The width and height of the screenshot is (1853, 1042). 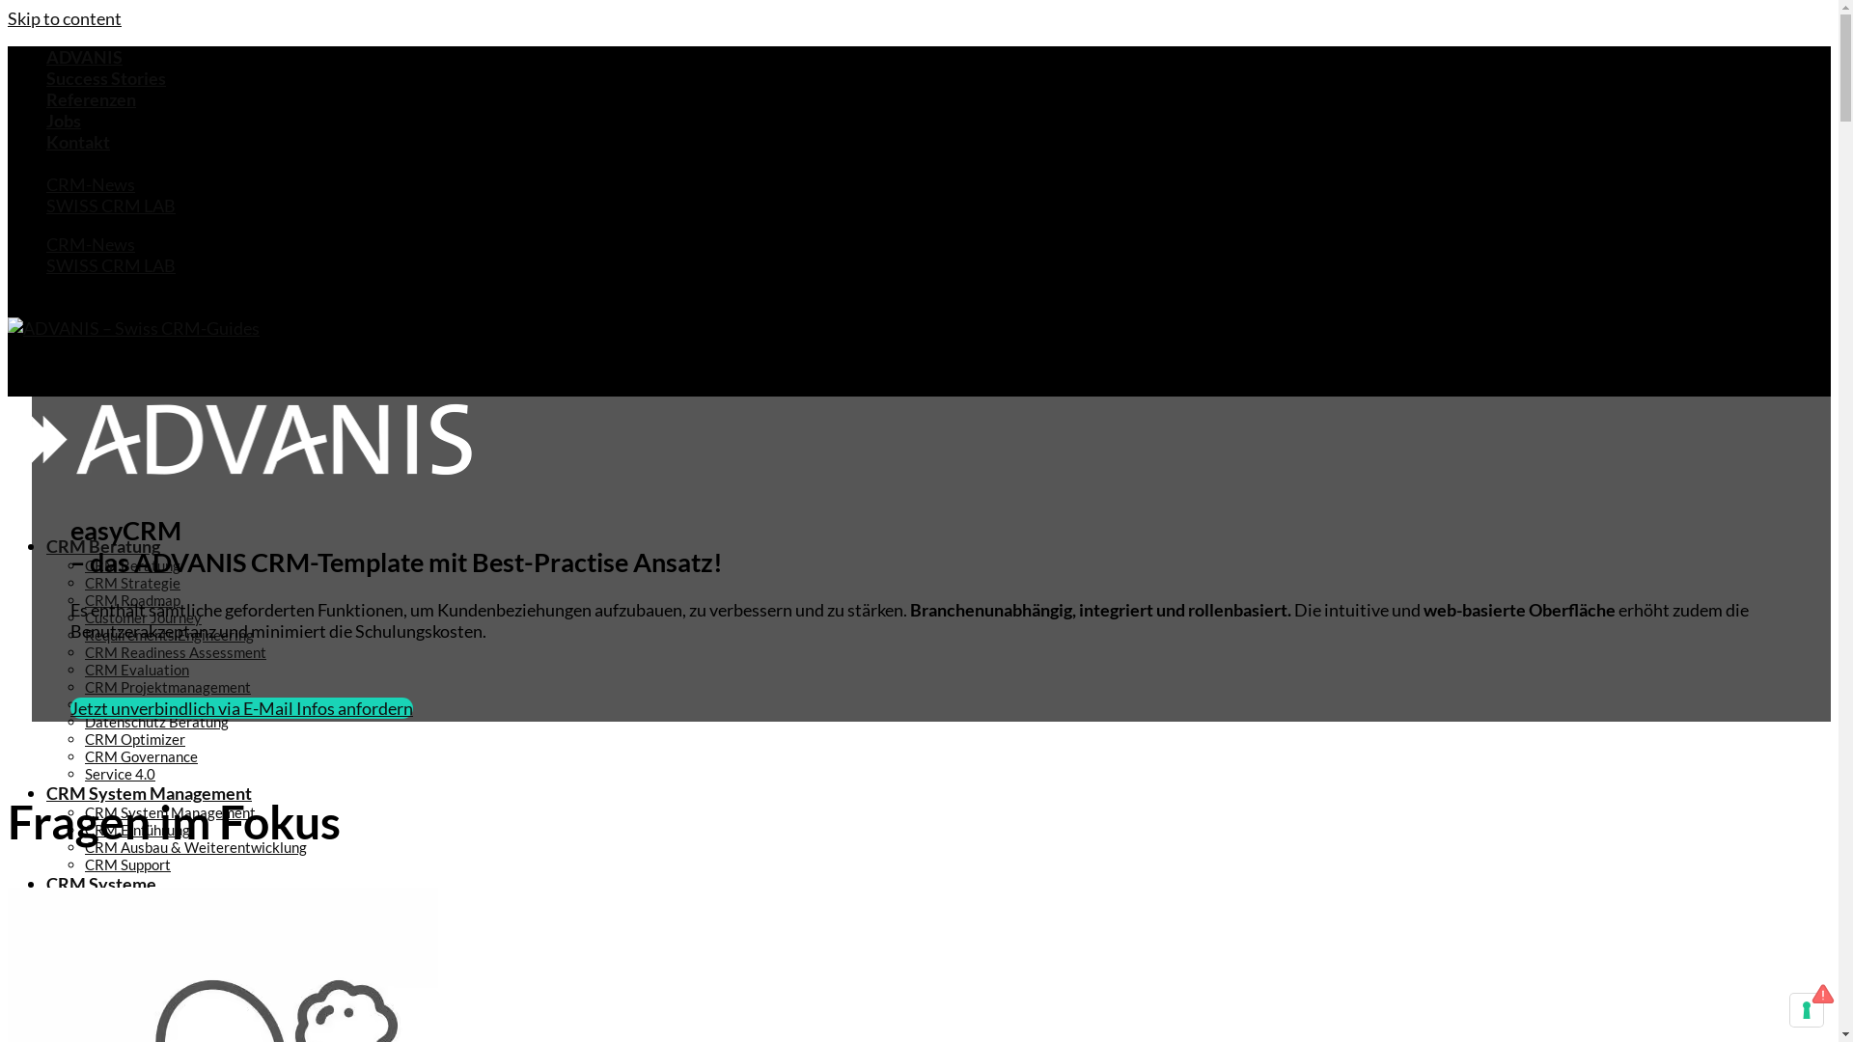 What do you see at coordinates (83, 1006) in the screenshot?
I see `'Microsoft Dynamics 365'` at bounding box center [83, 1006].